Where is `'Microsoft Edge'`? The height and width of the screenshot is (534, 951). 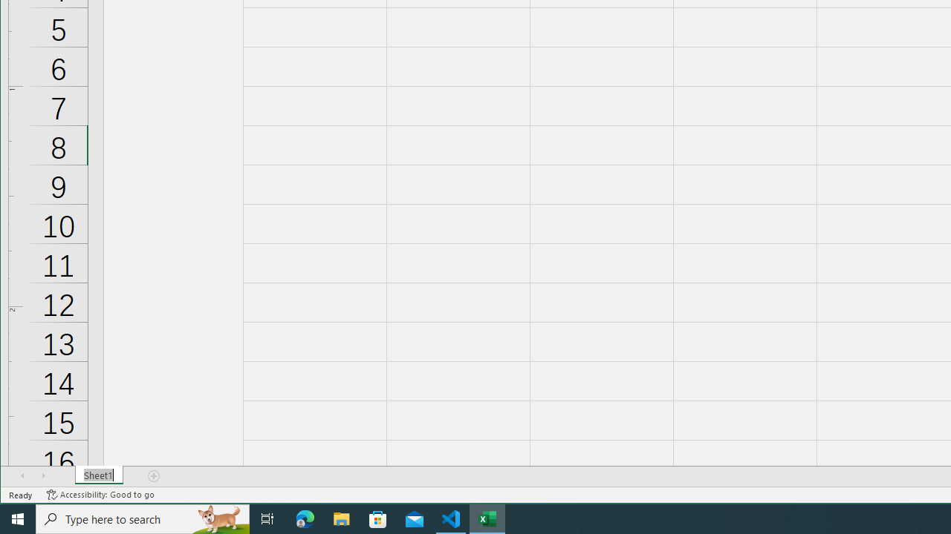 'Microsoft Edge' is located at coordinates (305, 518).